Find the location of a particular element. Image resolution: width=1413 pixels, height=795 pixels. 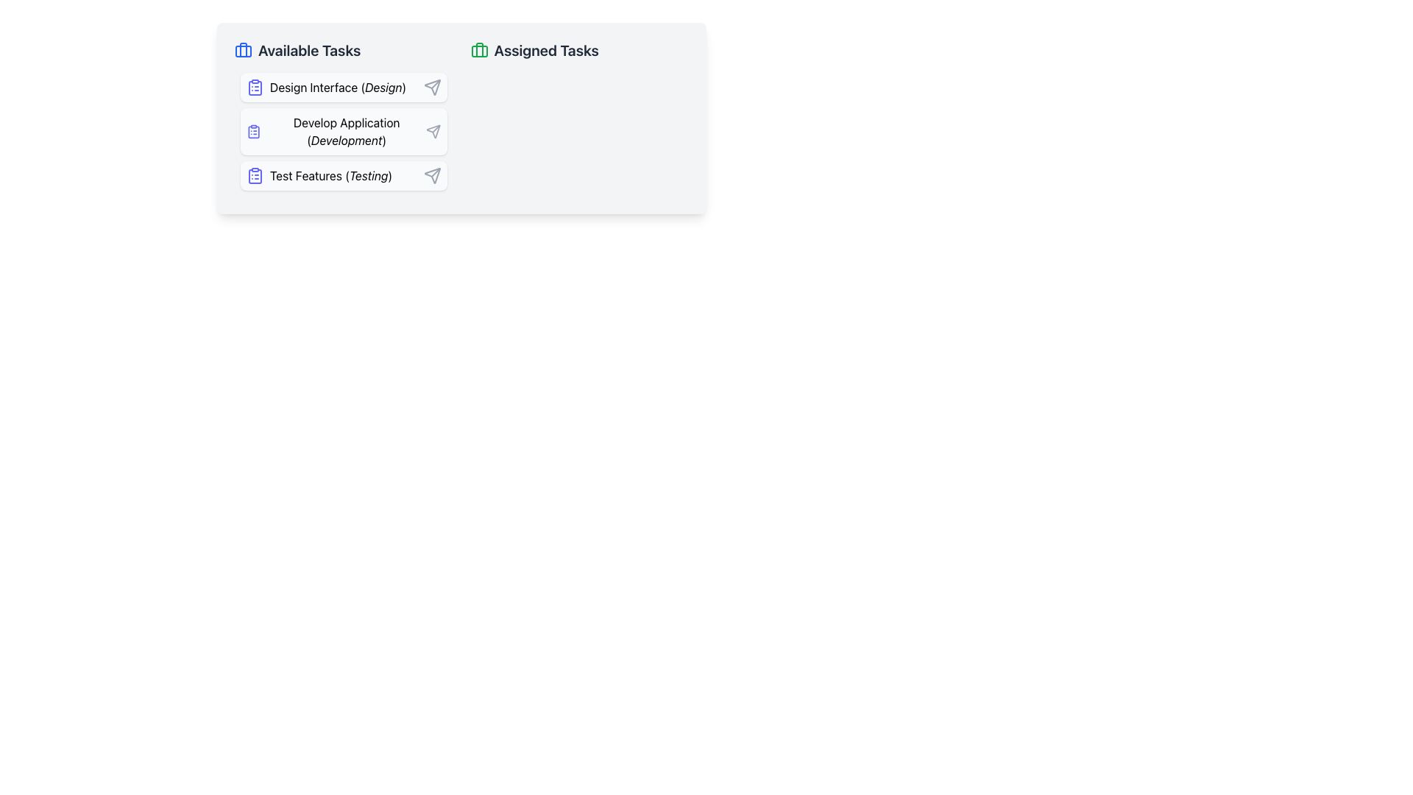

the text label 'Design' which is styled in bold and is part of the first task item labeled 'Design Interface (Design)' within the 'Available Tasks' list is located at coordinates (383, 88).